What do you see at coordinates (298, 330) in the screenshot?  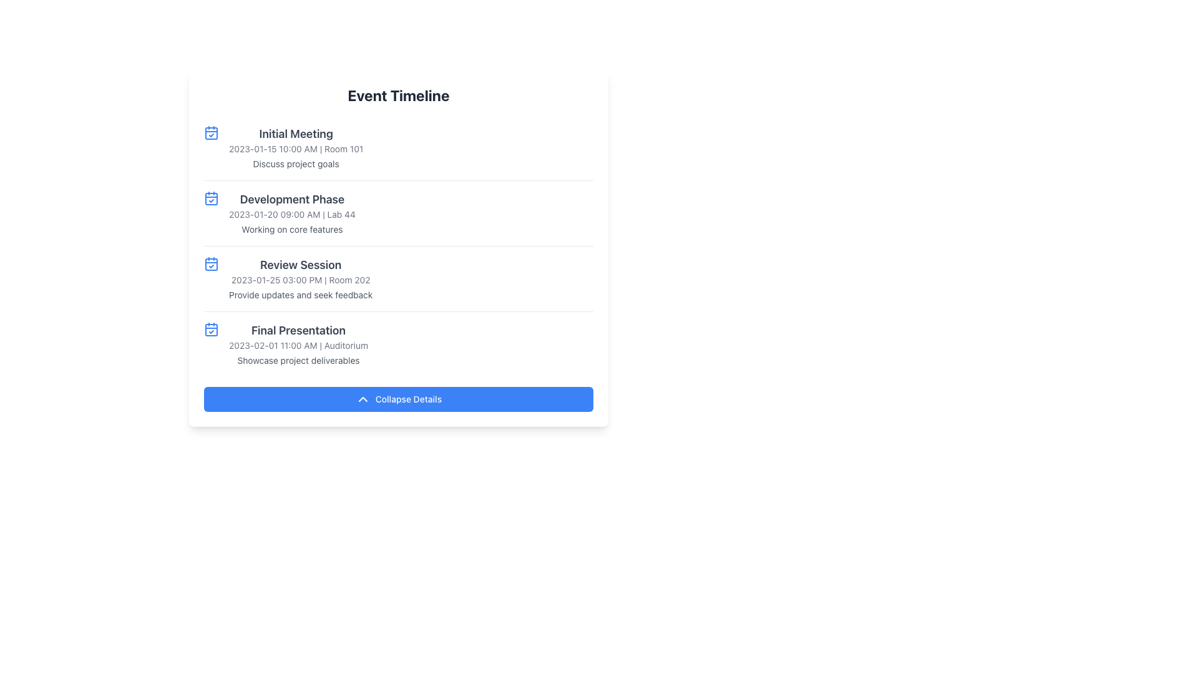 I see `the text label for the event 'Final Presentation', which is located in the fourth entry of the vertical timeline layout, positioned towards the left above the event timing and description texts` at bounding box center [298, 330].